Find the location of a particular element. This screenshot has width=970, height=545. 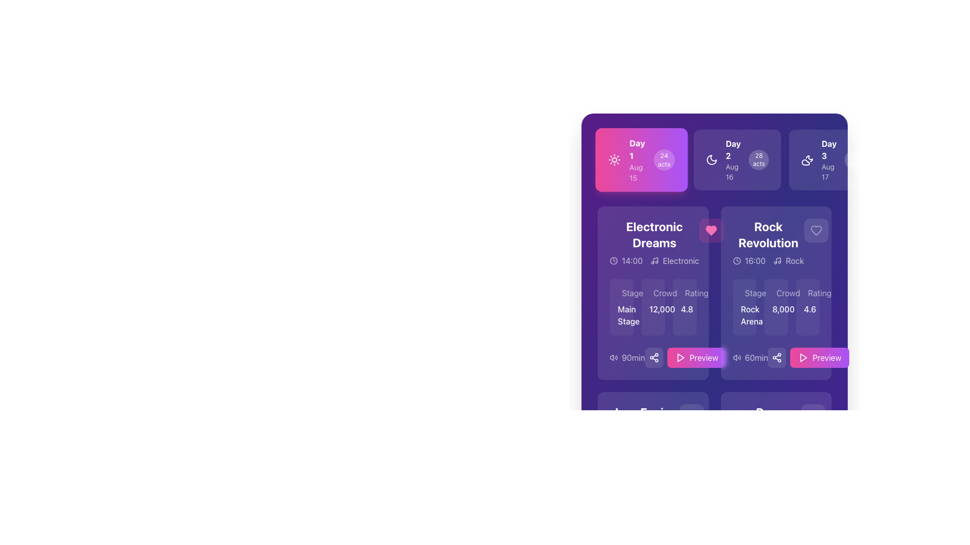

the musical or audio-related indicator icon located to the left of the text 'Electronic' in the 'Electronic Dreams' section is located at coordinates (655, 260).